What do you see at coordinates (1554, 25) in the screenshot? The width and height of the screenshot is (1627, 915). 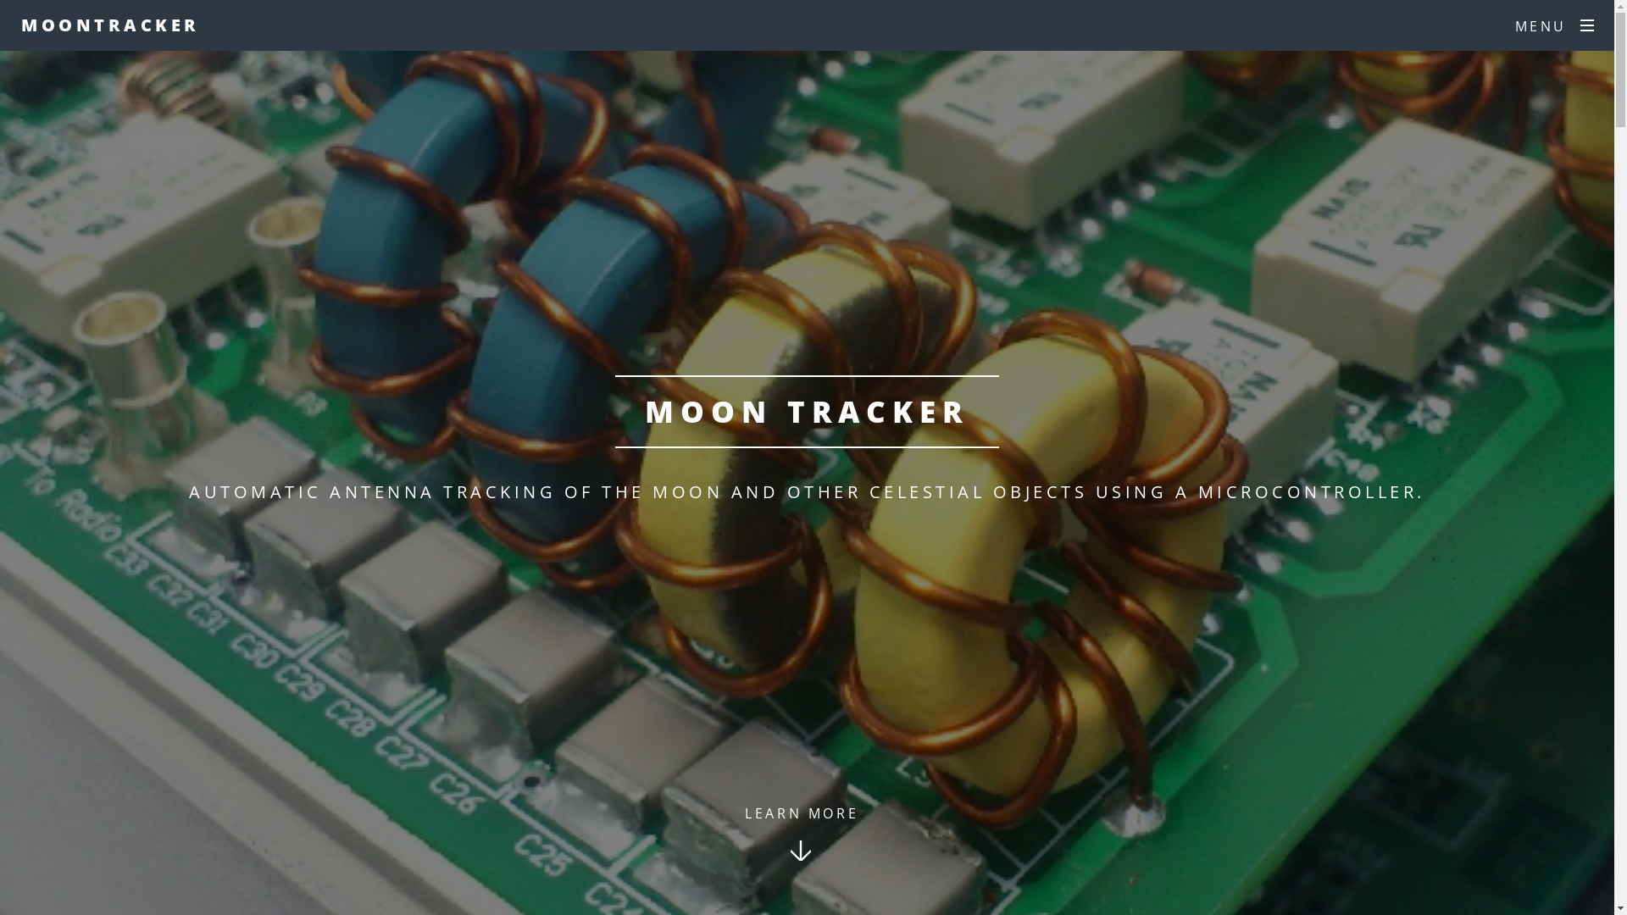 I see `'MENU'` at bounding box center [1554, 25].